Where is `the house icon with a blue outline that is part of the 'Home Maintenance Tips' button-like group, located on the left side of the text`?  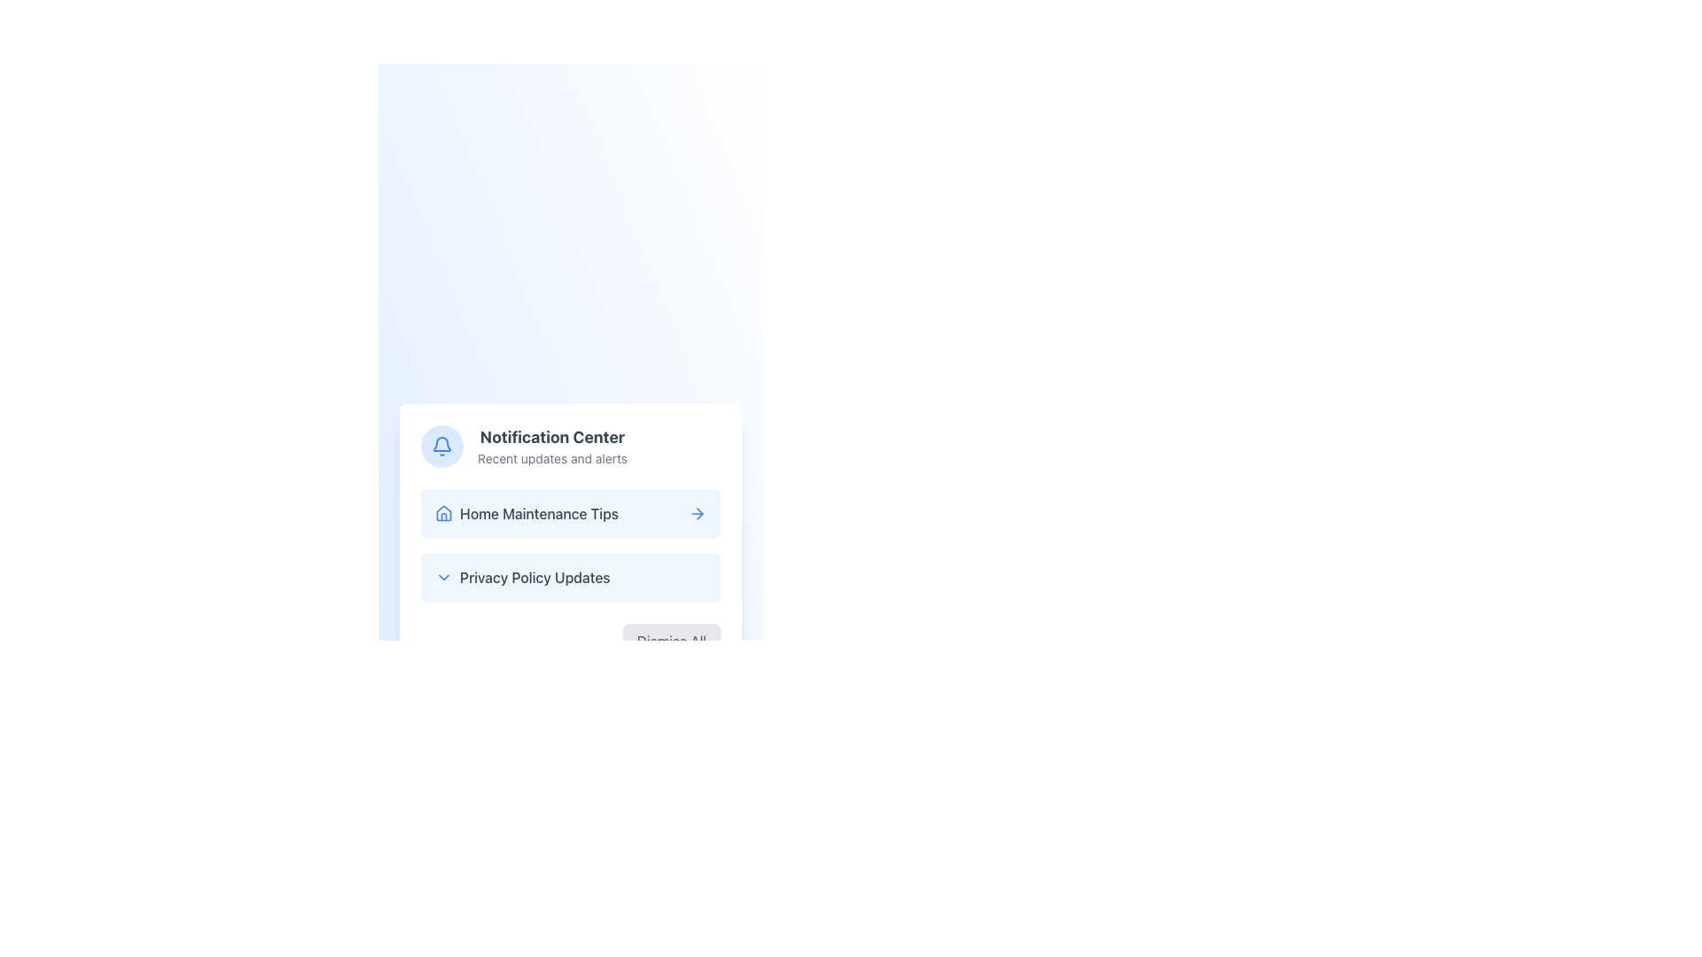
the house icon with a blue outline that is part of the 'Home Maintenance Tips' button-like group, located on the left side of the text is located at coordinates (443, 513).